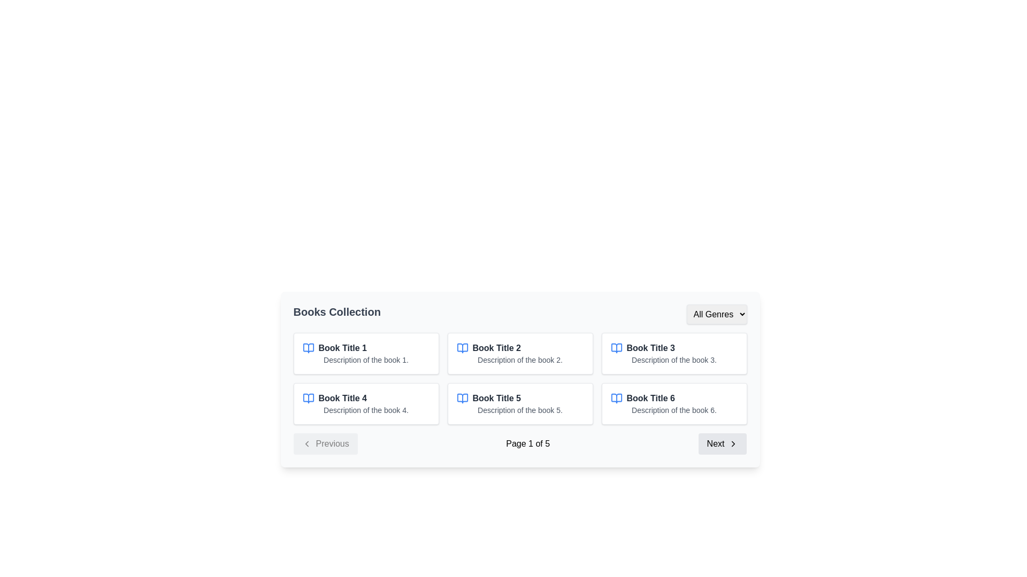  I want to click on the styling of the open book icon, which is blue and located next to 'Book Title 6' in the book grid, so click(616, 398).